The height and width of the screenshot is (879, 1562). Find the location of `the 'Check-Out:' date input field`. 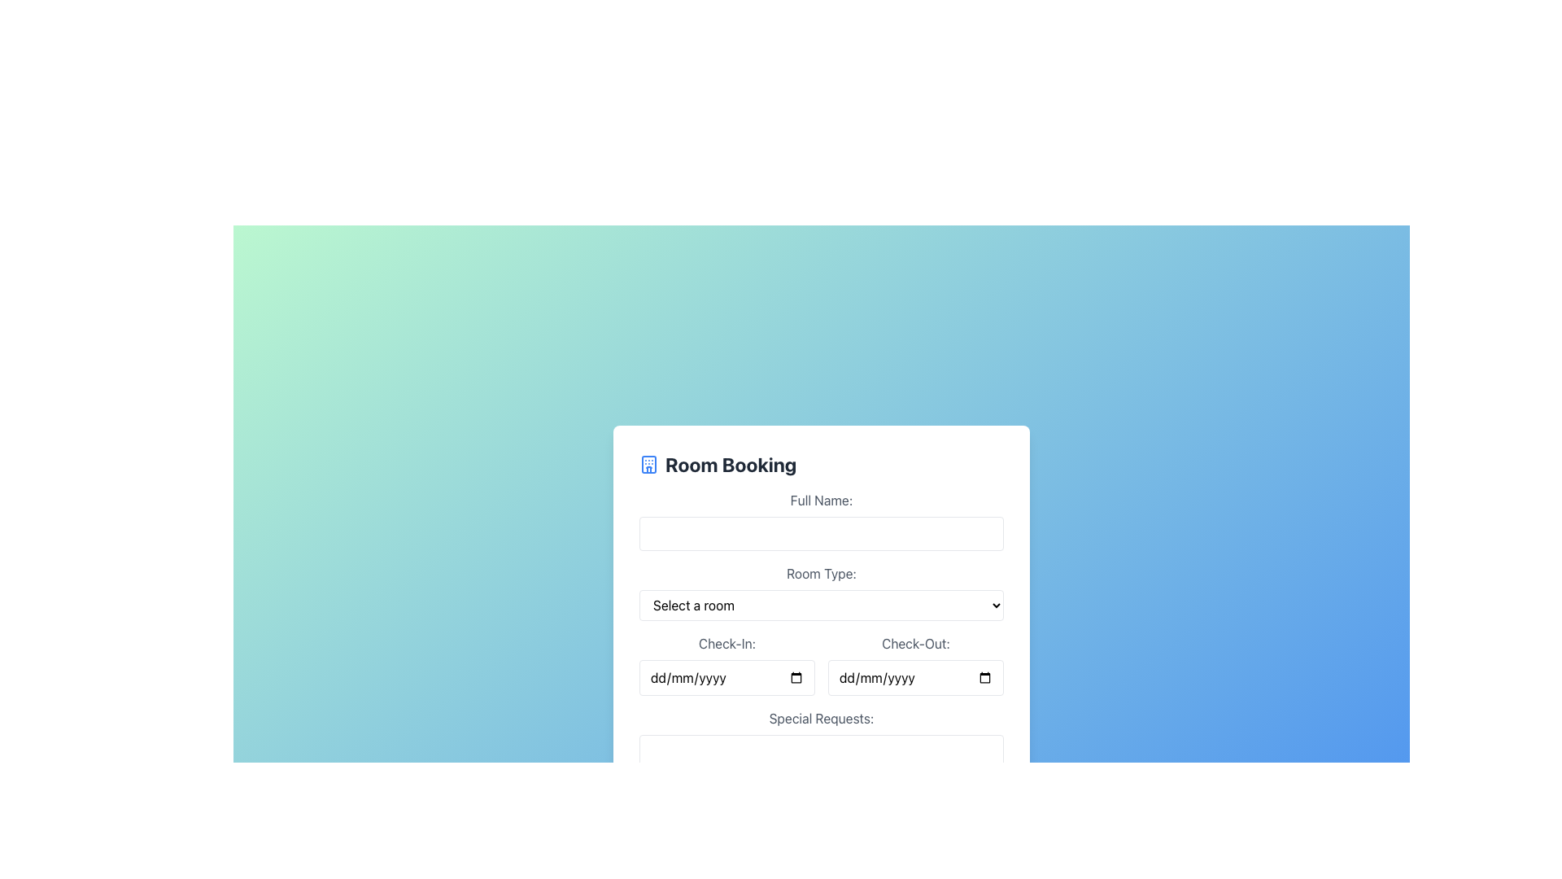

the 'Check-Out:' date input field is located at coordinates (916, 678).